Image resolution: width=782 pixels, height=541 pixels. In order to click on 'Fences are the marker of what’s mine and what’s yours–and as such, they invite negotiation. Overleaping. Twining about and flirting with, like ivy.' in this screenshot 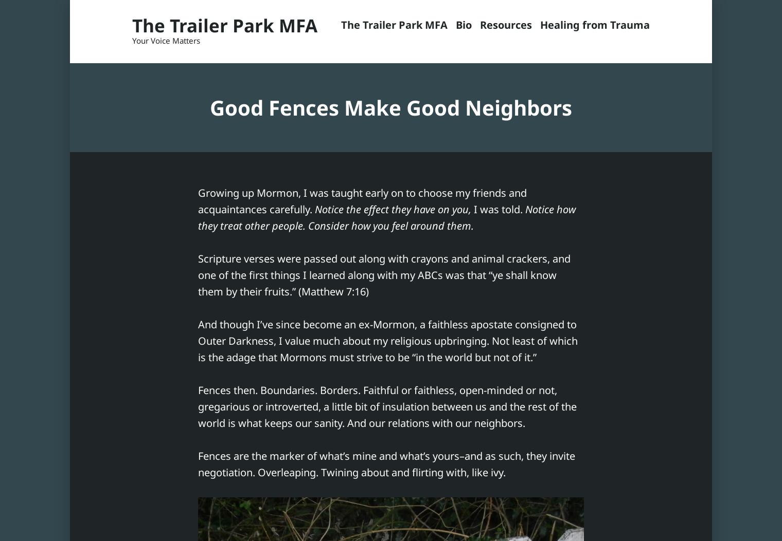, I will do `click(386, 464)`.